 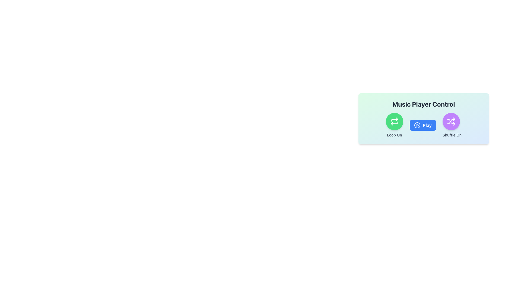 What do you see at coordinates (451, 121) in the screenshot?
I see `the shuffle button, which is the third icon in a group of three circular buttons` at bounding box center [451, 121].